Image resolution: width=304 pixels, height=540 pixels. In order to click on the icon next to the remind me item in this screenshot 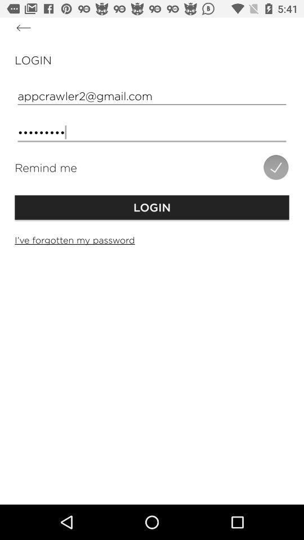, I will do `click(275, 166)`.